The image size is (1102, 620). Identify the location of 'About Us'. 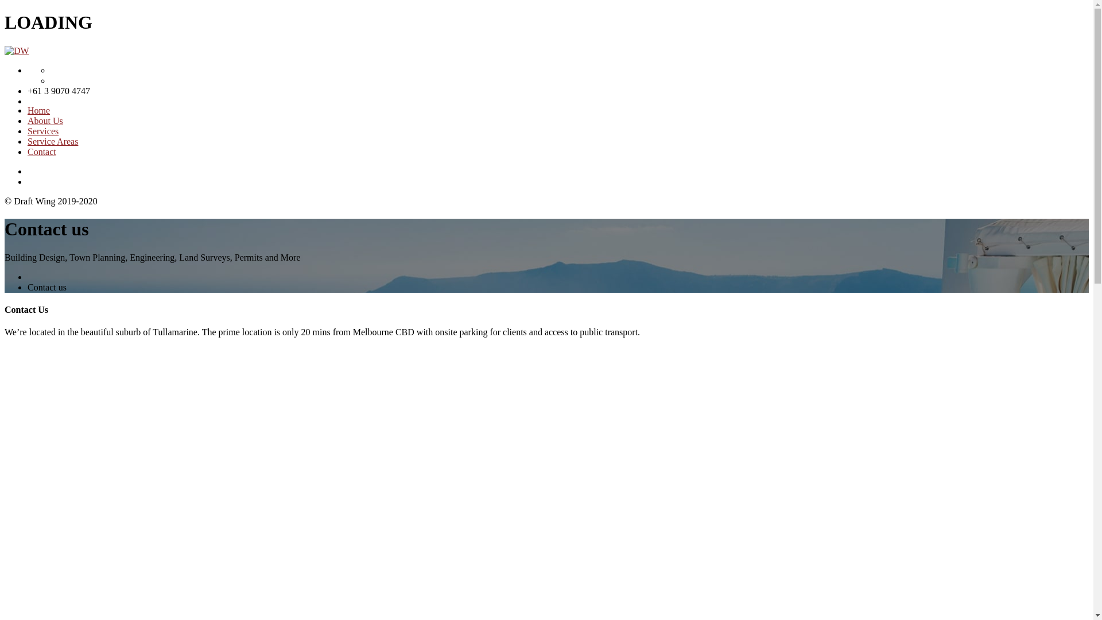
(28, 121).